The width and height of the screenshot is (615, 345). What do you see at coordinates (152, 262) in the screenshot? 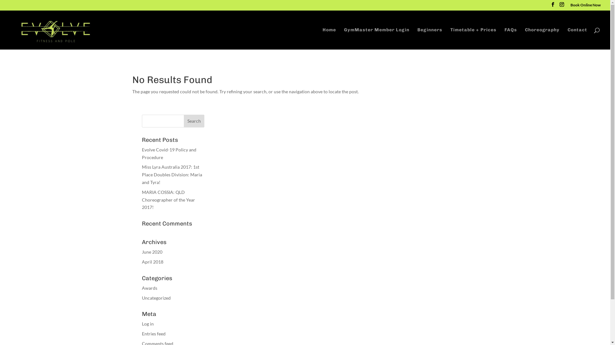
I see `'April 2018'` at bounding box center [152, 262].